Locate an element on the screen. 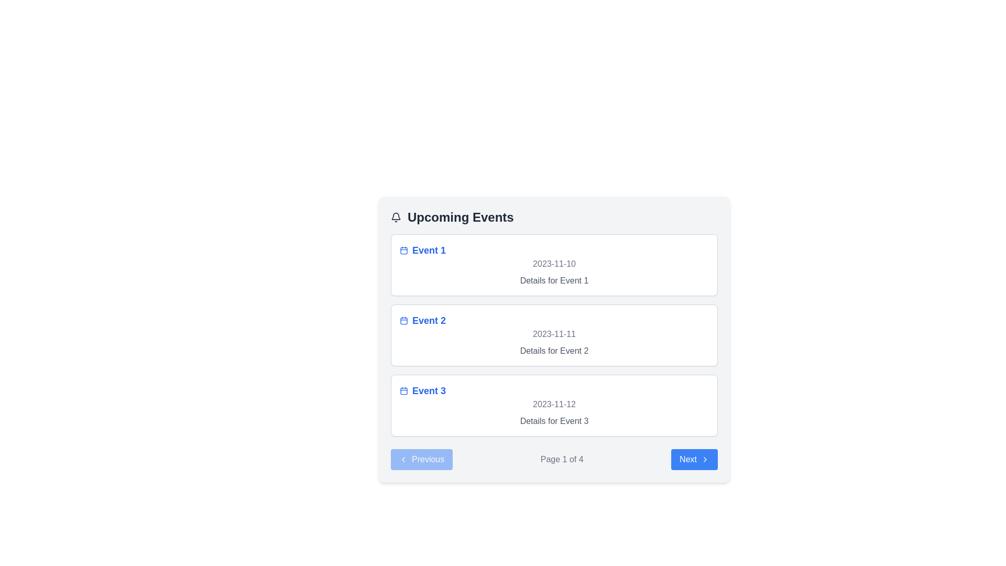 Image resolution: width=1006 pixels, height=566 pixels. the notifications icon located in the 'Upcoming Events' header, positioned to the left of the text is located at coordinates (395, 217).